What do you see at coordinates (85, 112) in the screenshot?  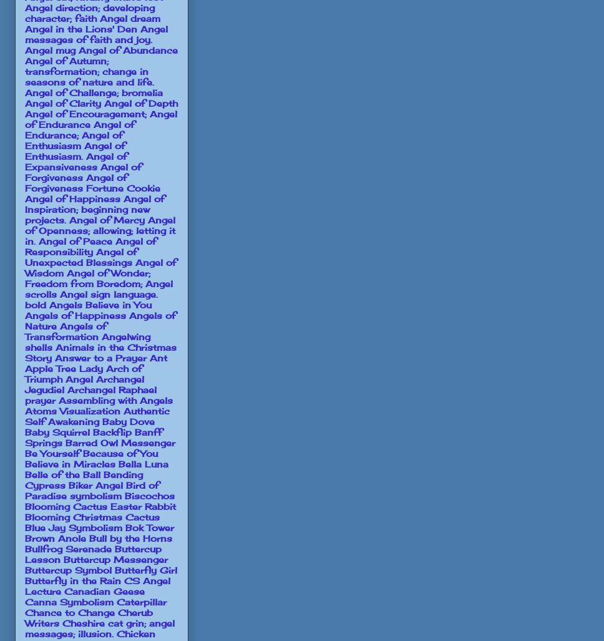 I see `'Angel of Encouragement;'` at bounding box center [85, 112].